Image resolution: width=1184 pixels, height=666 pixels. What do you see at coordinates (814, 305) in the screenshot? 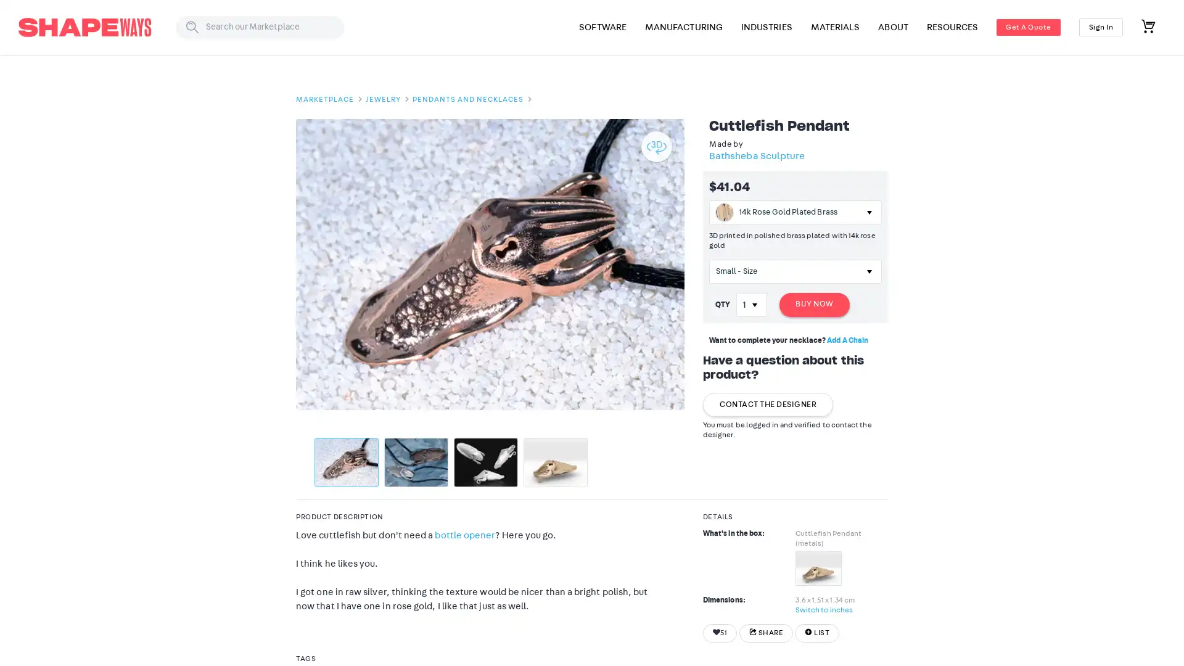
I see `BUY NOW` at bounding box center [814, 305].